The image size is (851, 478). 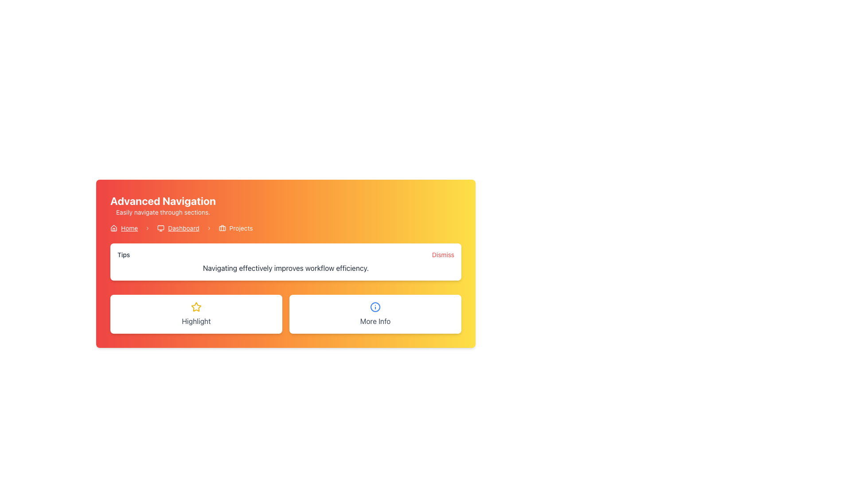 I want to click on the third item in the breadcrumb navigation sequence, which serves as a hyperlink, so click(x=183, y=228).